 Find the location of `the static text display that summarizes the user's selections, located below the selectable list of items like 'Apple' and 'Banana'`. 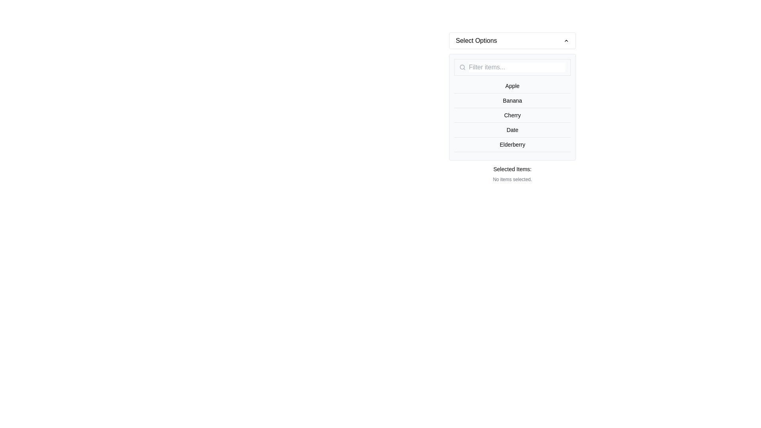

the static text display that summarizes the user's selections, located below the selectable list of items like 'Apple' and 'Banana' is located at coordinates (512, 174).